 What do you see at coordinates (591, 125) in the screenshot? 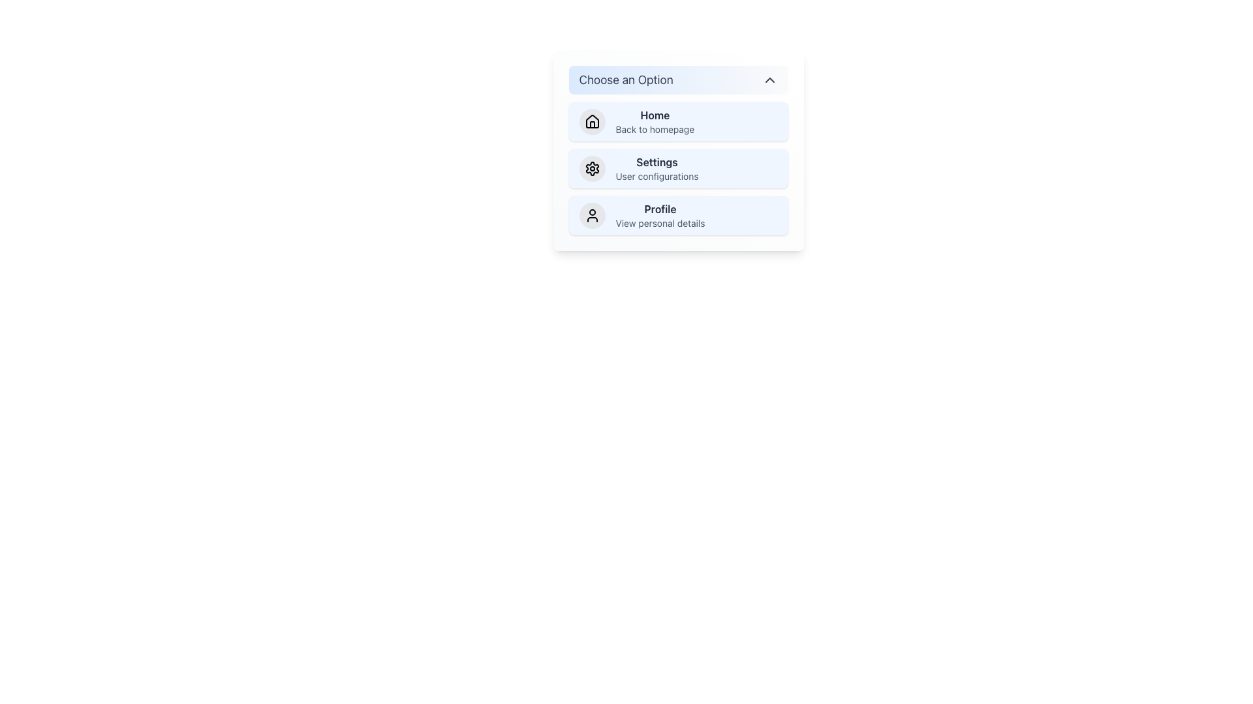
I see `the 'Home' button which contains the lower part of the house icon in the vertically stacked menu list` at bounding box center [591, 125].